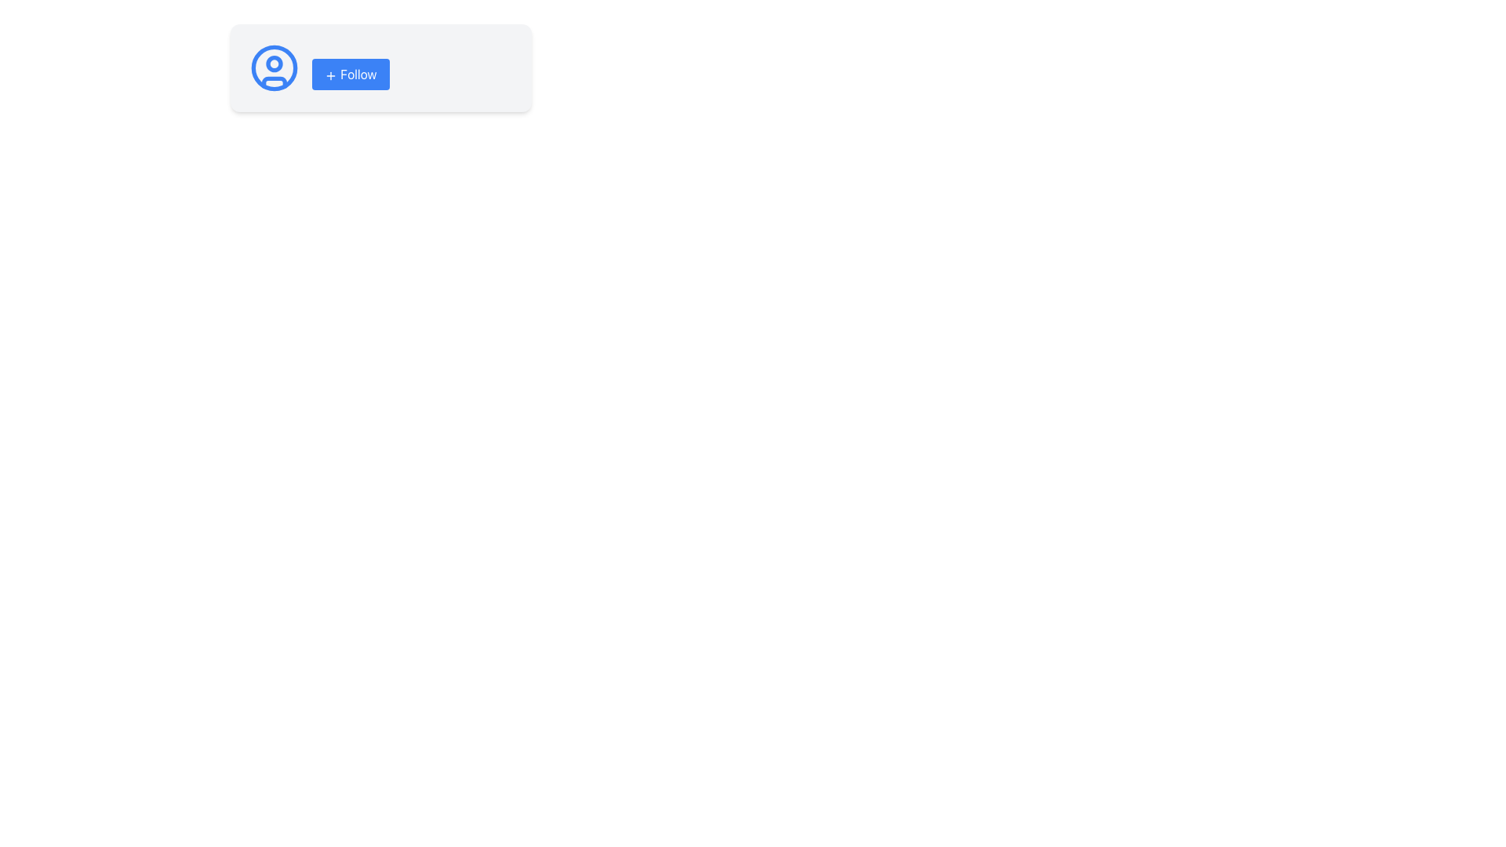 This screenshot has height=847, width=1506. I want to click on the icon located within the blue 'Follow' button, positioned to the left of the 'Follow' text label, so click(330, 75).